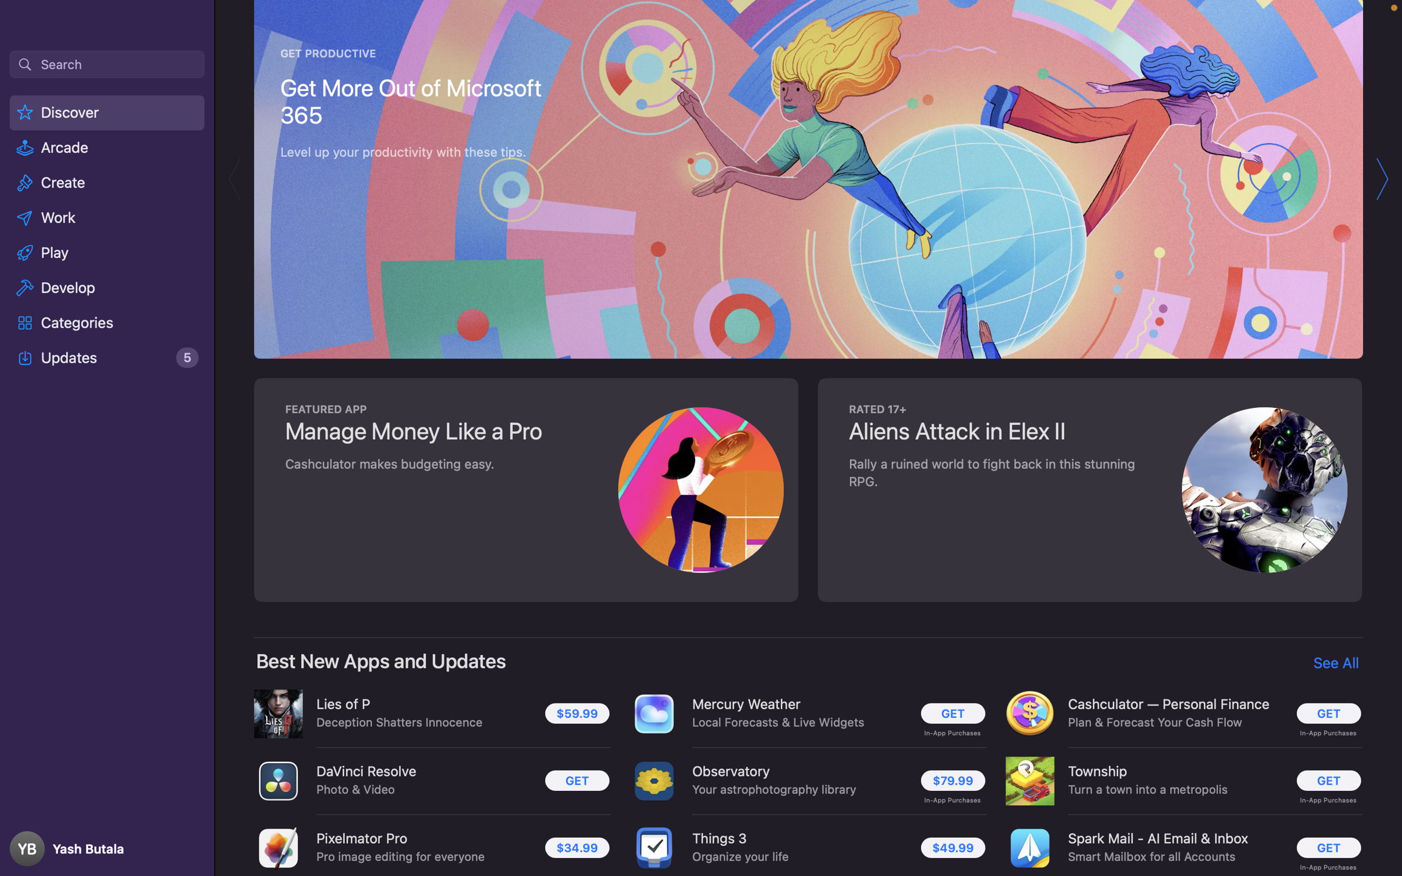 The image size is (1402, 876). Describe the element at coordinates (809, 438) in the screenshot. I see `Navigate 50 steps downward in the application menu using scroll` at that location.